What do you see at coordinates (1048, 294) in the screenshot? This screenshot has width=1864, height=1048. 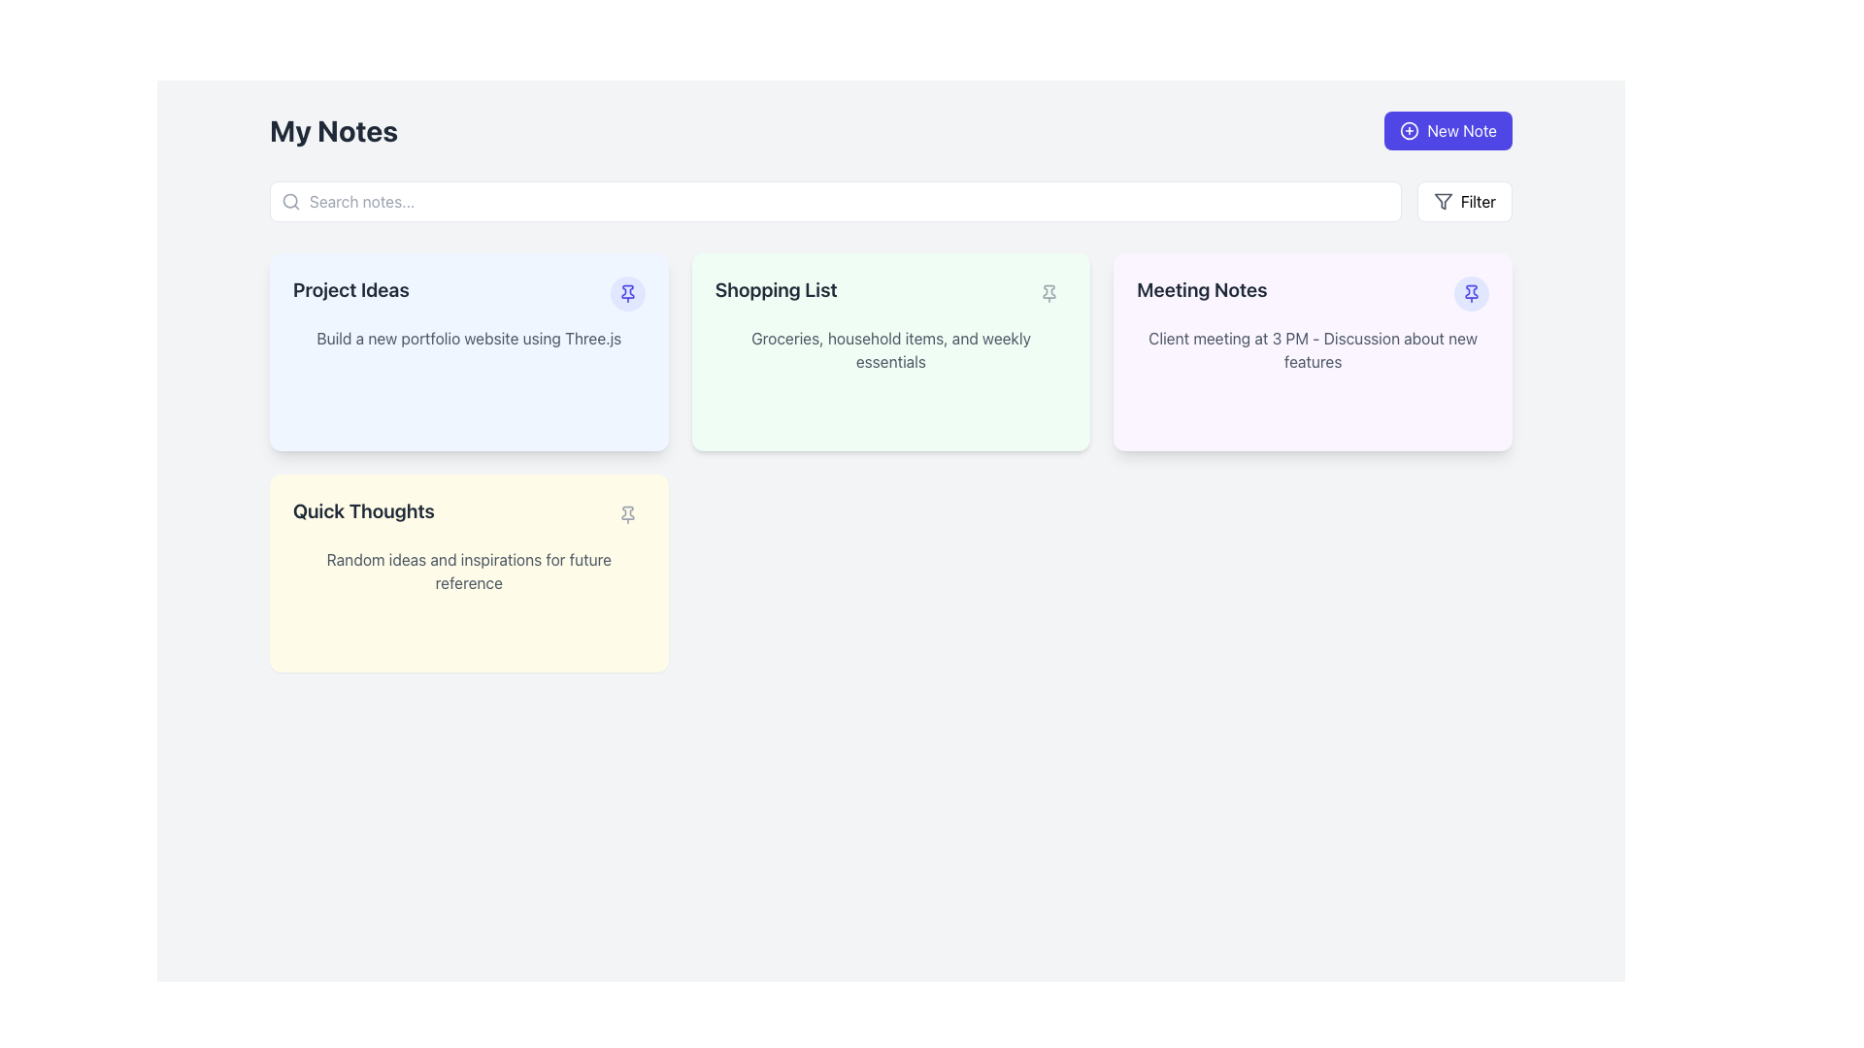 I see `the pin icon button in the 'Shopping List' section to observe the hover effects` at bounding box center [1048, 294].